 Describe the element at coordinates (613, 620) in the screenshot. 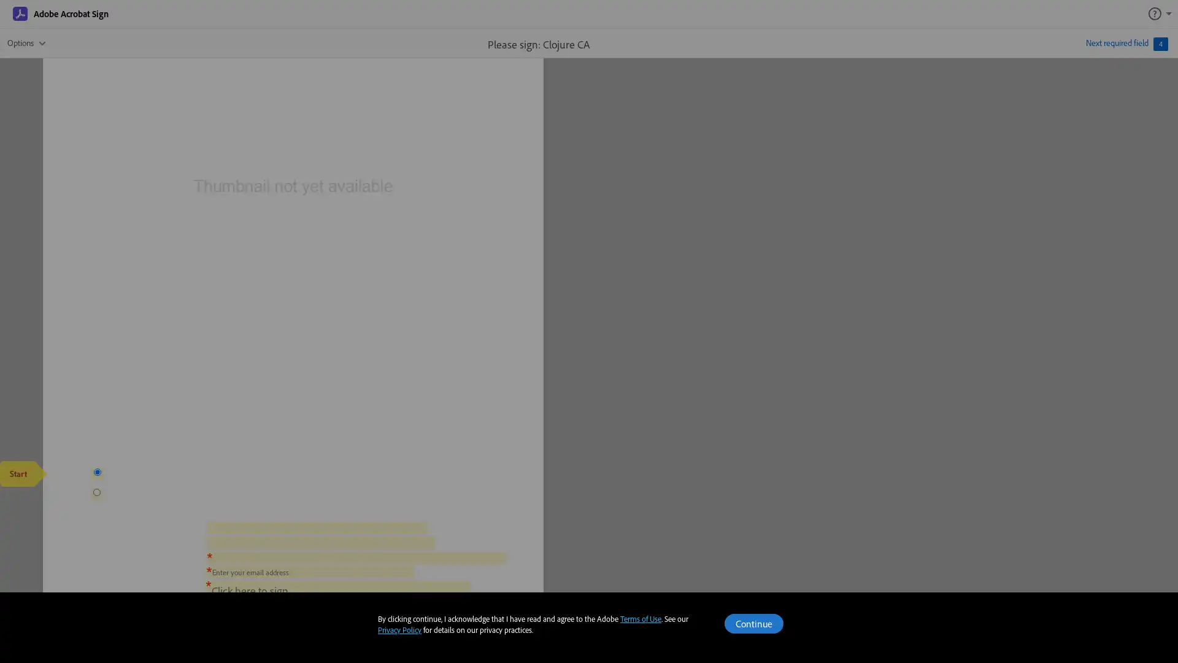

I see `Zoom out` at that location.